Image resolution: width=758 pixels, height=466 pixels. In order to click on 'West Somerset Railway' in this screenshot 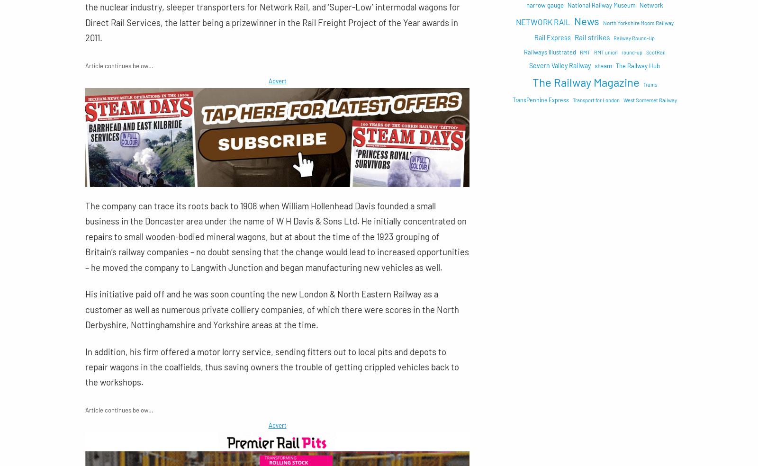, I will do `click(649, 100)`.